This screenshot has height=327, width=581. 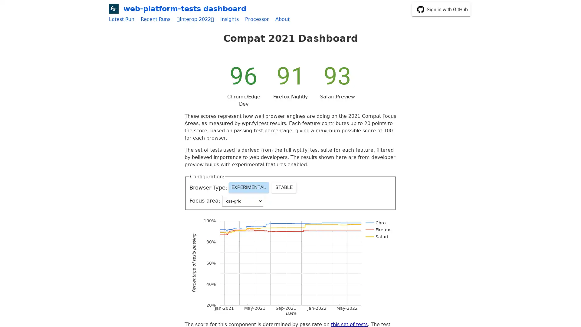 What do you see at coordinates (283, 187) in the screenshot?
I see `STABLE` at bounding box center [283, 187].